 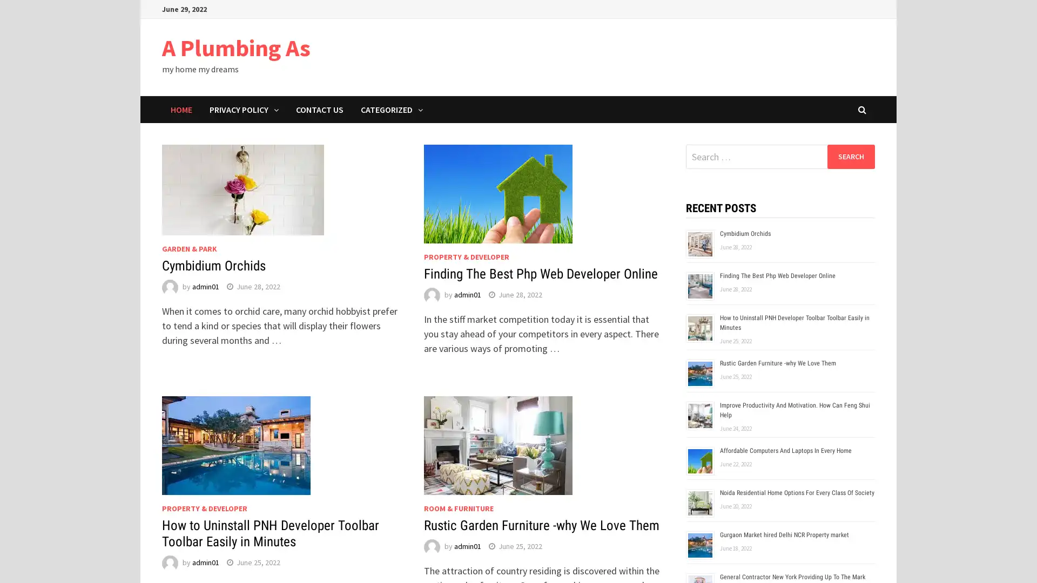 What do you see at coordinates (850, 156) in the screenshot?
I see `Search` at bounding box center [850, 156].